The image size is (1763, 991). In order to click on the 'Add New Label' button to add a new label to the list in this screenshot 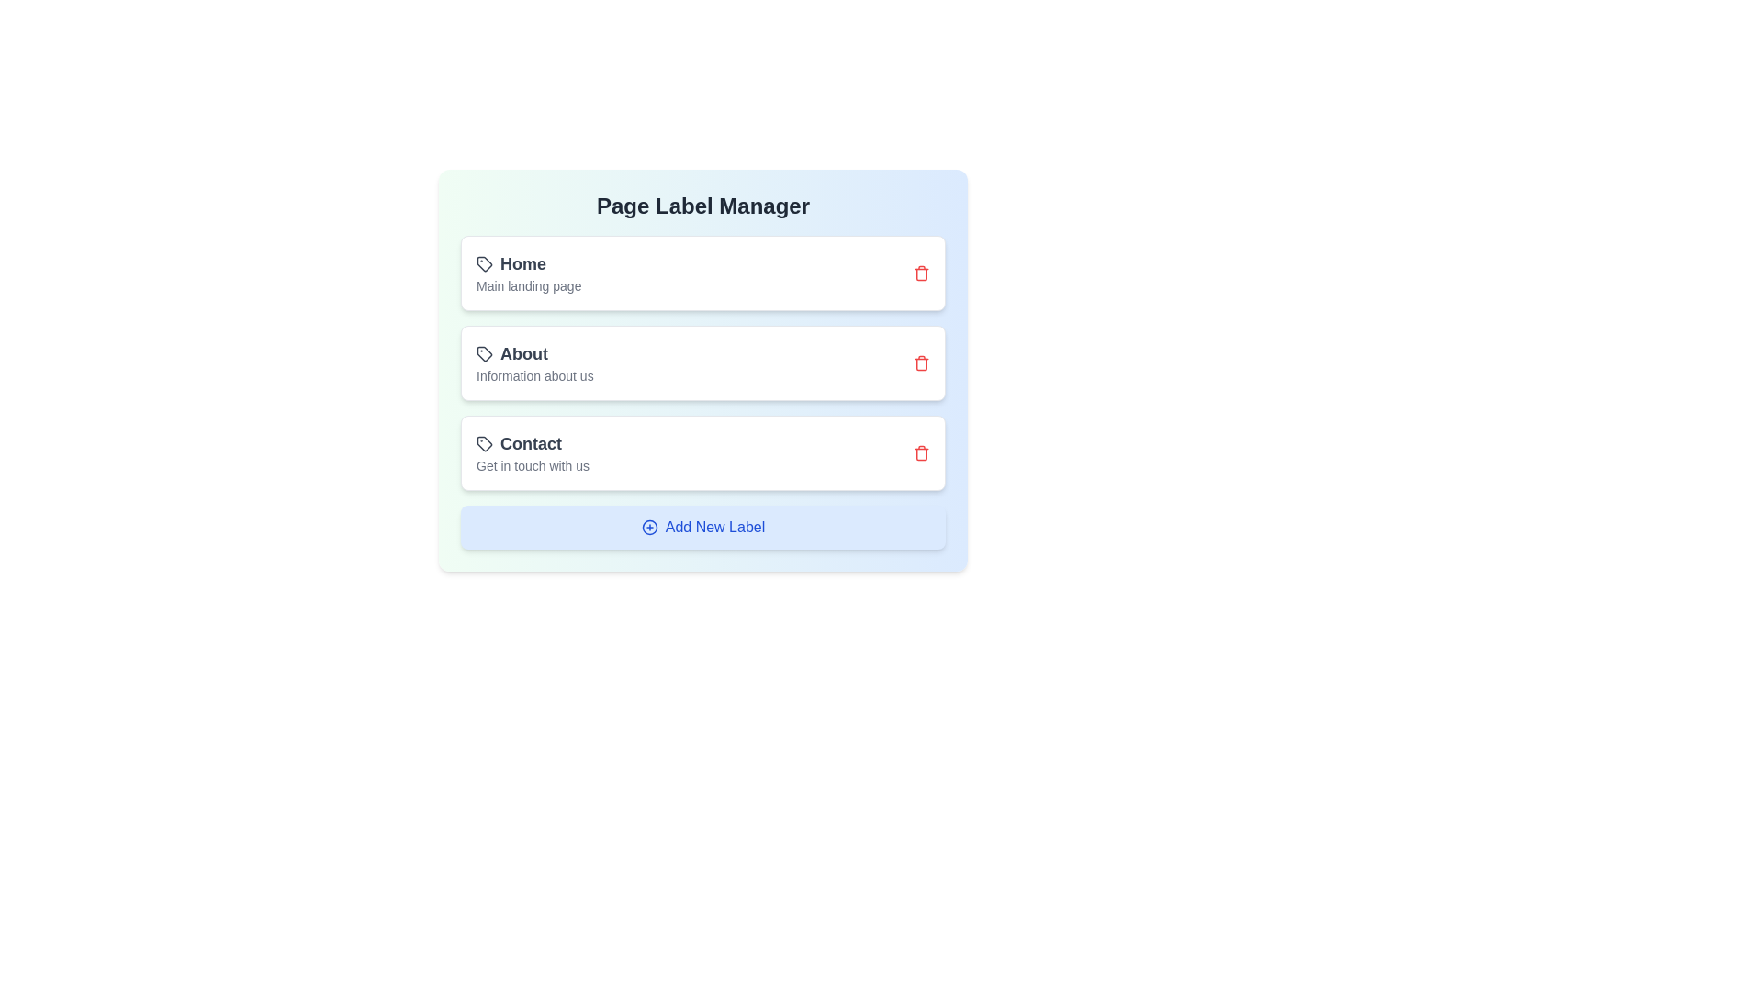, I will do `click(702, 527)`.